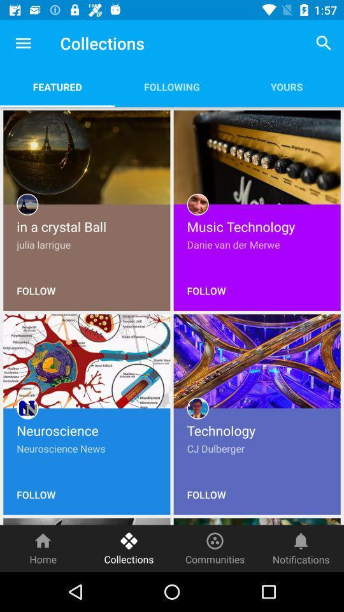 The width and height of the screenshot is (344, 612). What do you see at coordinates (23, 43) in the screenshot?
I see `the item to the left of collections item` at bounding box center [23, 43].